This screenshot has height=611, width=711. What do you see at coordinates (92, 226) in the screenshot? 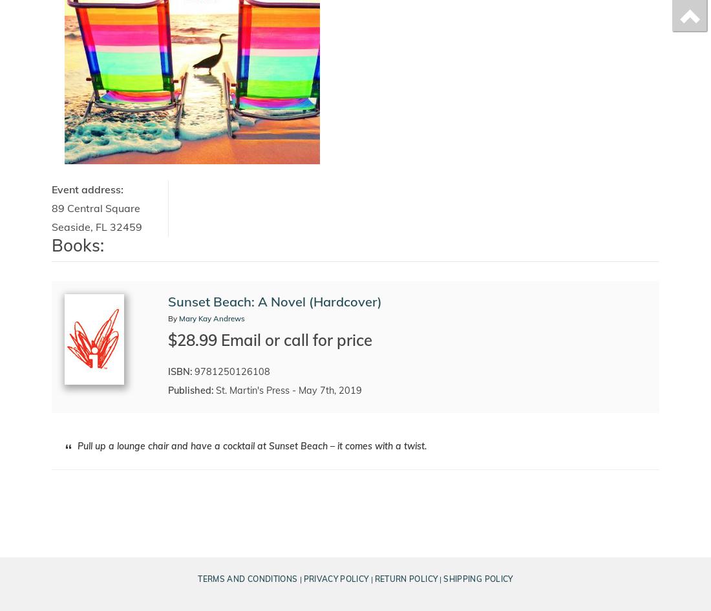
I see `','` at bounding box center [92, 226].